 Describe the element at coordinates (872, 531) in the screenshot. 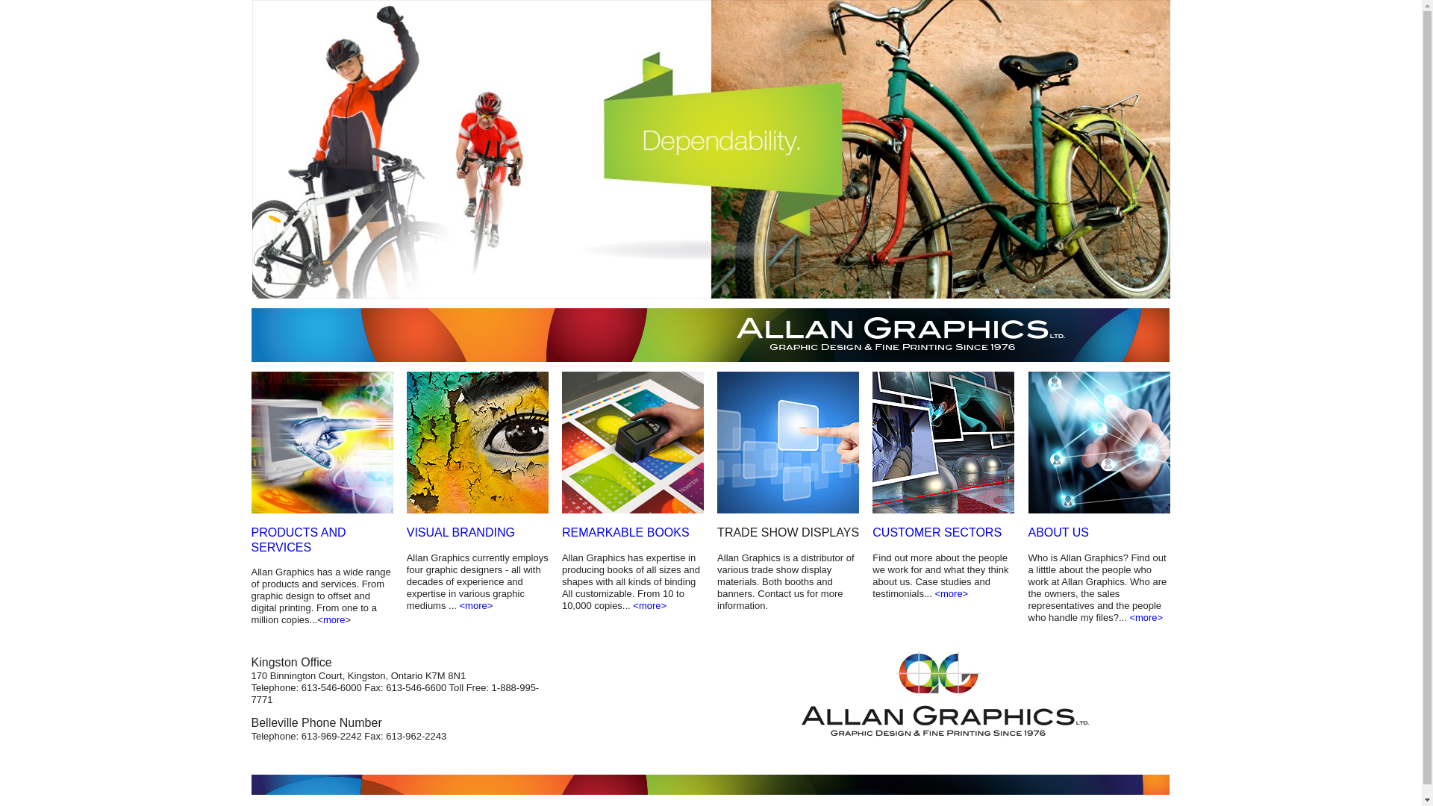

I see `'CUSTOMER SECTORS'` at that location.